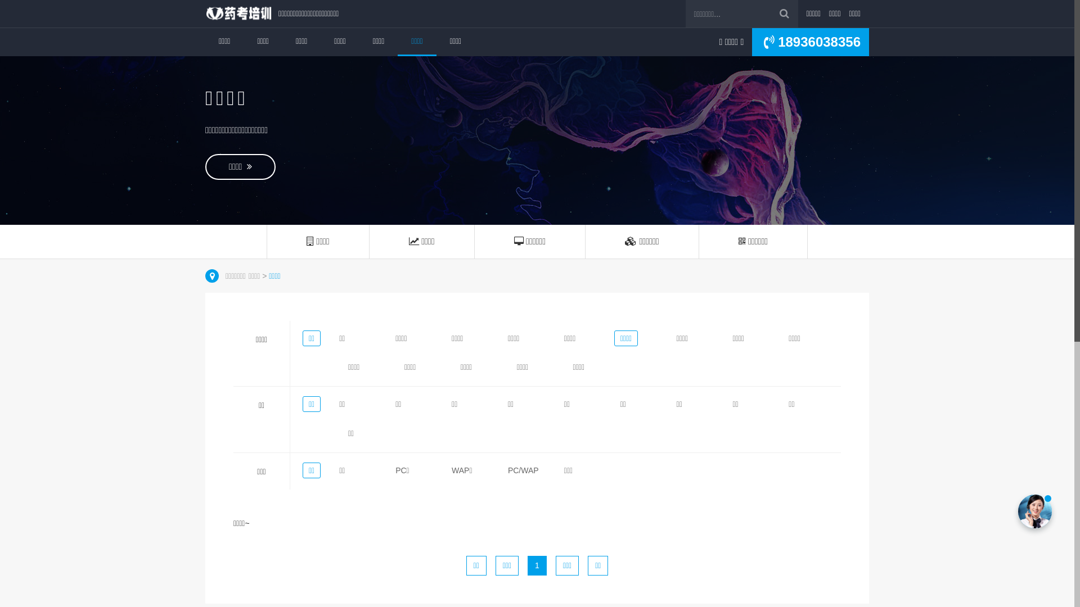  Describe the element at coordinates (523, 470) in the screenshot. I see `'PC/WAP'` at that location.